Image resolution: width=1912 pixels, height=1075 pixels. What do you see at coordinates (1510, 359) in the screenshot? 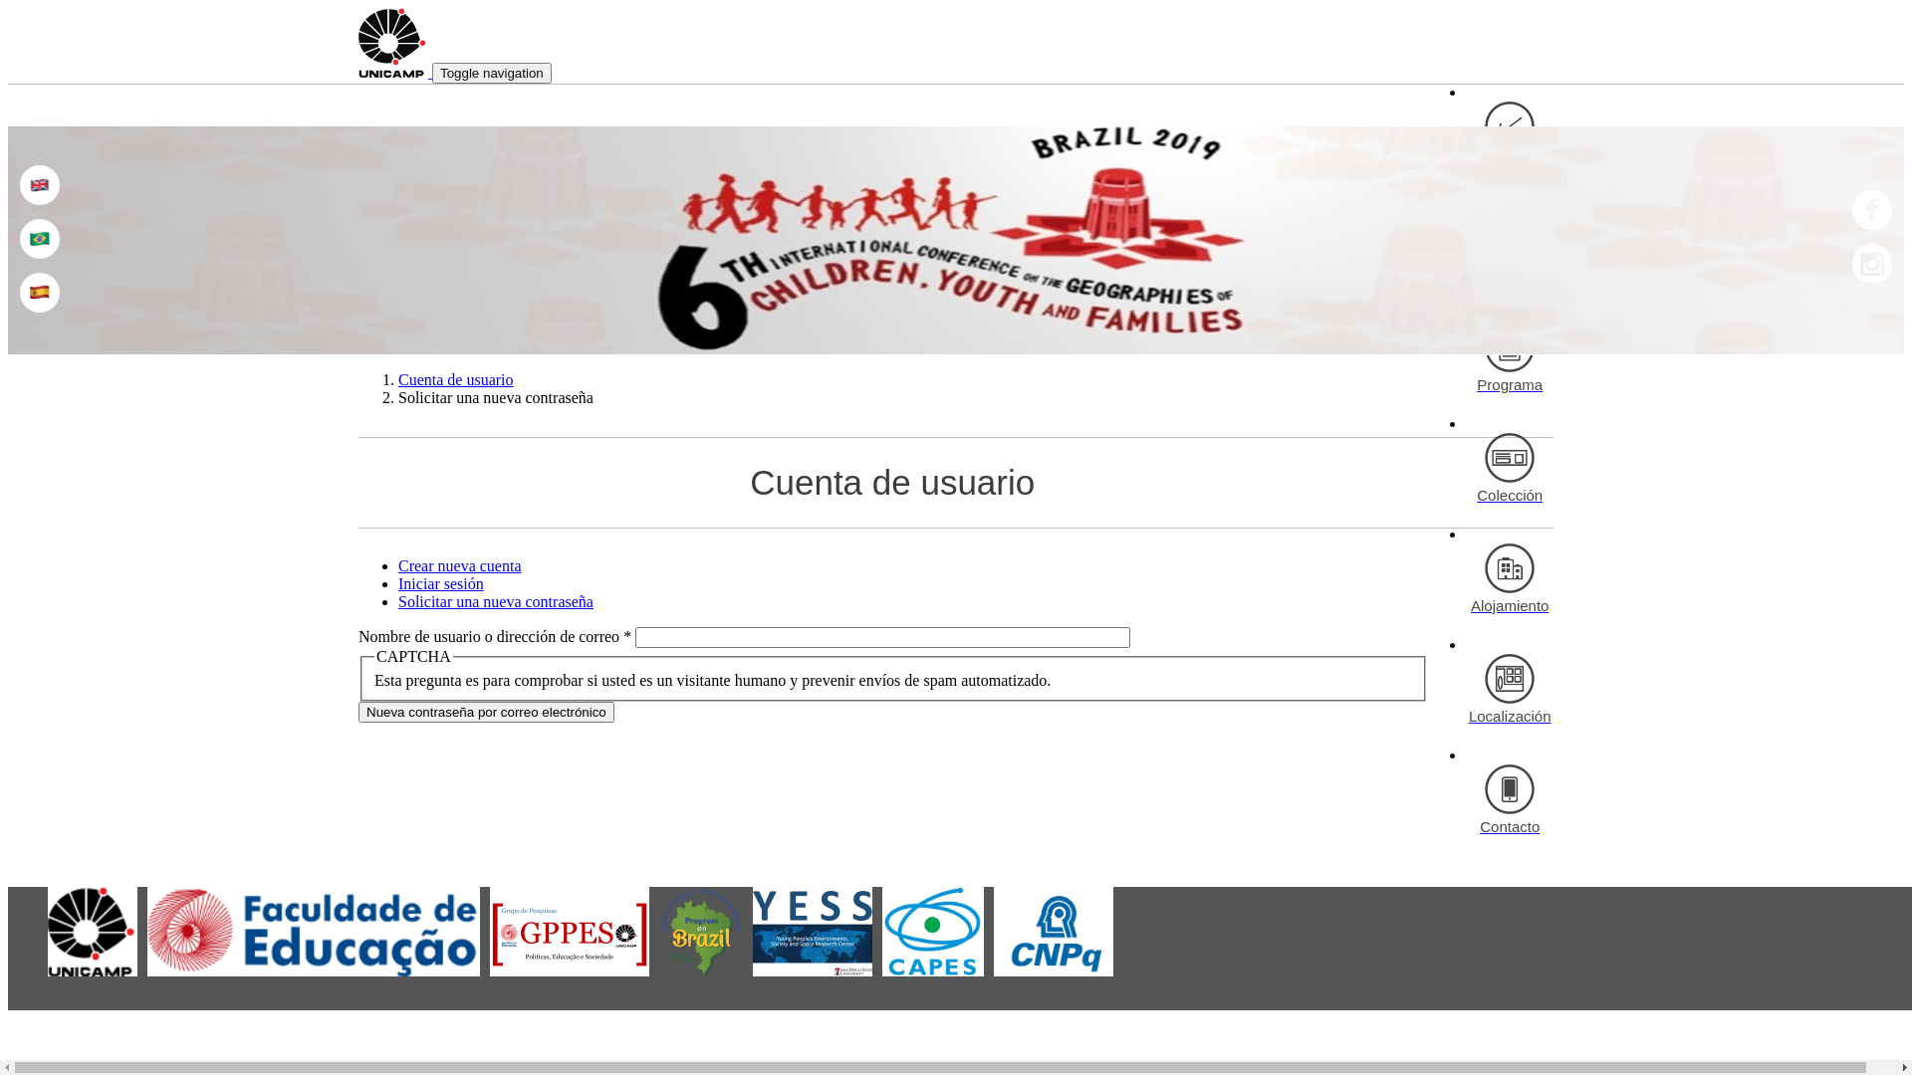
I see `'Programa'` at bounding box center [1510, 359].